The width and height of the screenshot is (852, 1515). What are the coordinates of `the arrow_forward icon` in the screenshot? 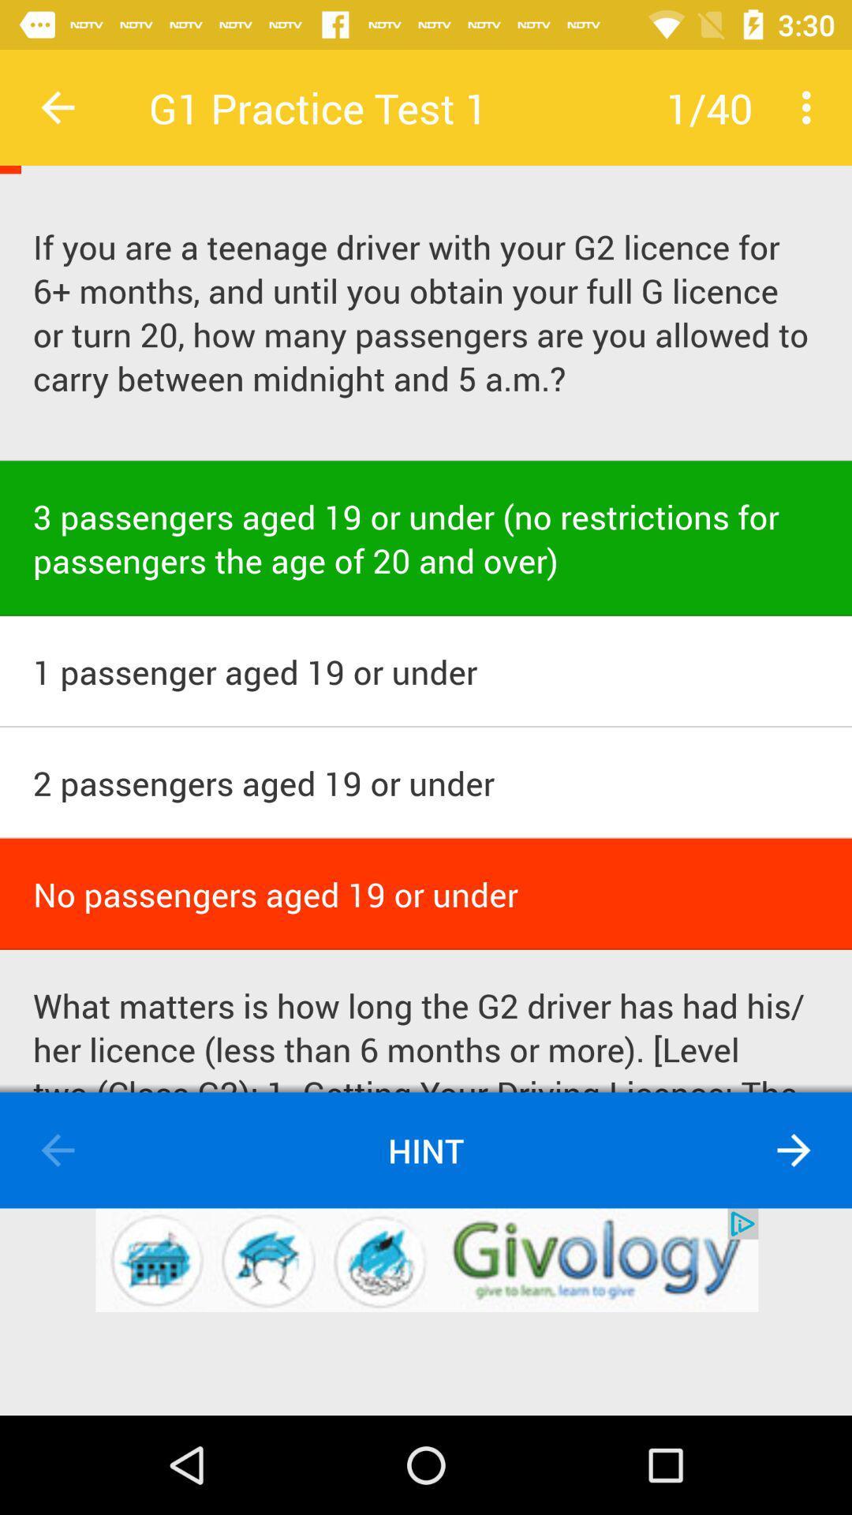 It's located at (794, 1150).